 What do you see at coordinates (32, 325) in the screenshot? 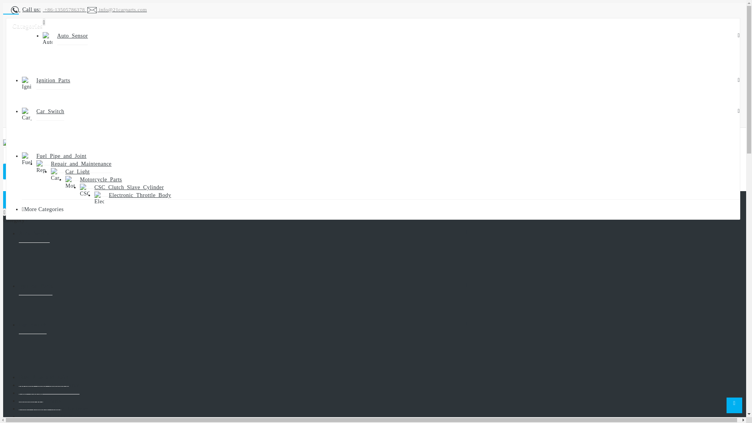
I see `'Car_Switch'` at bounding box center [32, 325].